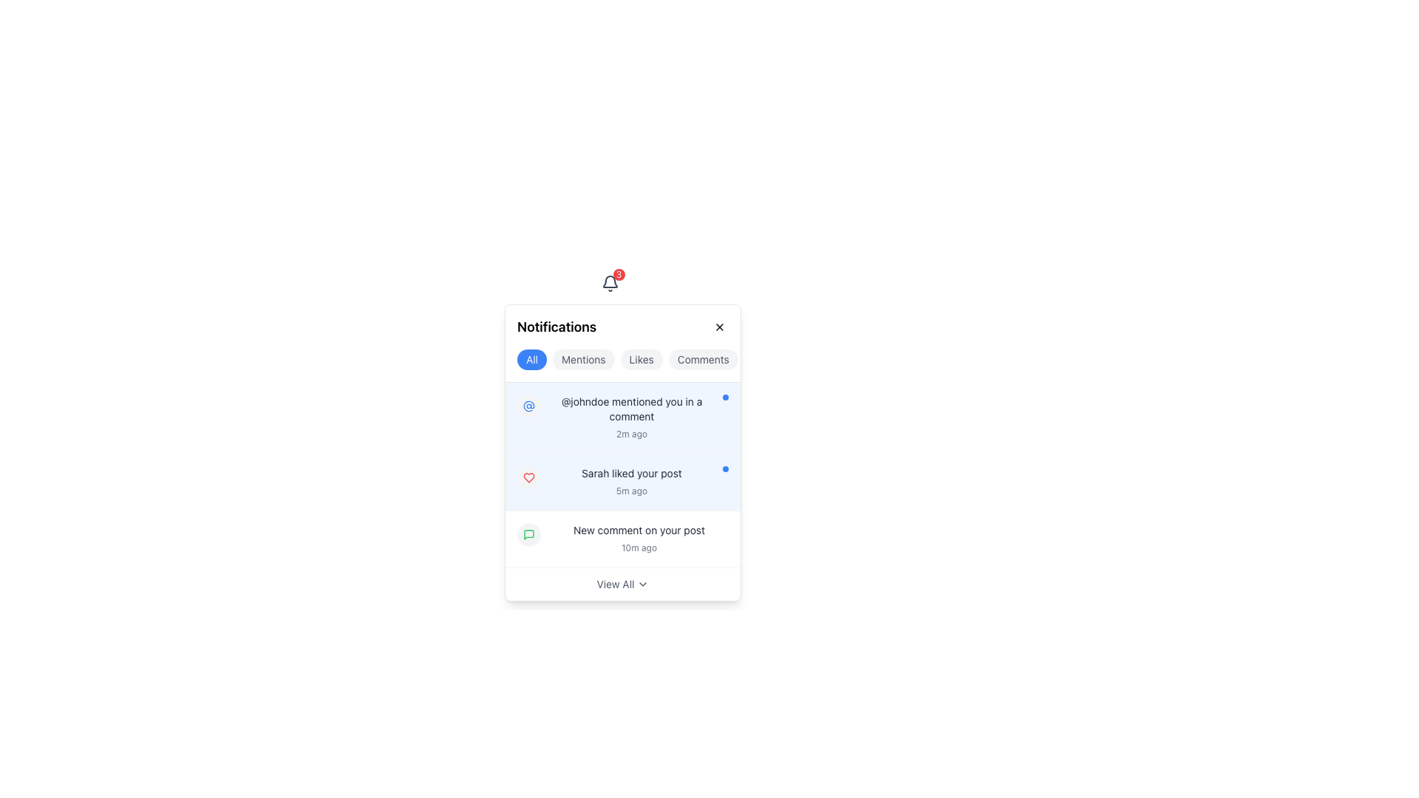  Describe the element at coordinates (528, 478) in the screenshot. I see `the 'like' icon associated with the notification 'Sarah liked your post', located in the notification panel` at that location.